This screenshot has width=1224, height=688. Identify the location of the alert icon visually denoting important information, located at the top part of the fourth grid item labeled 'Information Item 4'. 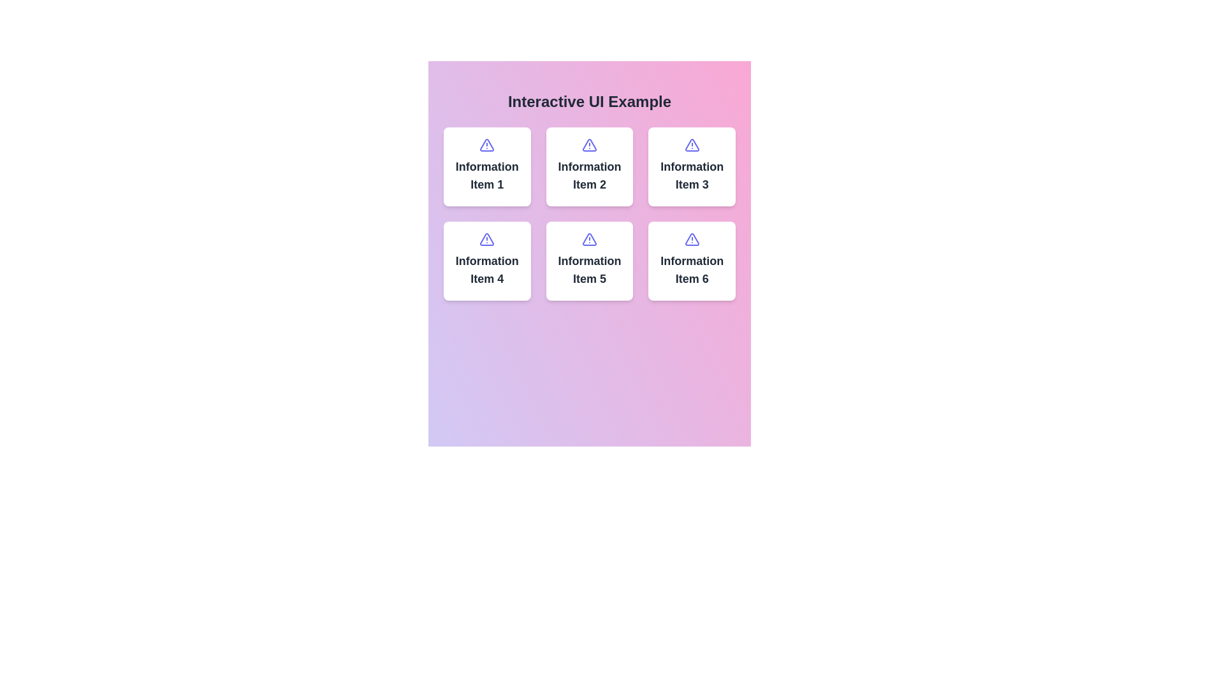
(486, 239).